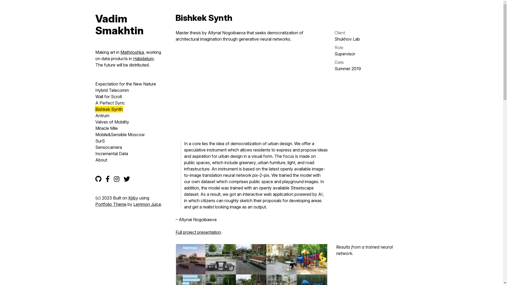 The height and width of the screenshot is (285, 507). What do you see at coordinates (108, 147) in the screenshot?
I see `'Sensocamera'` at bounding box center [108, 147].